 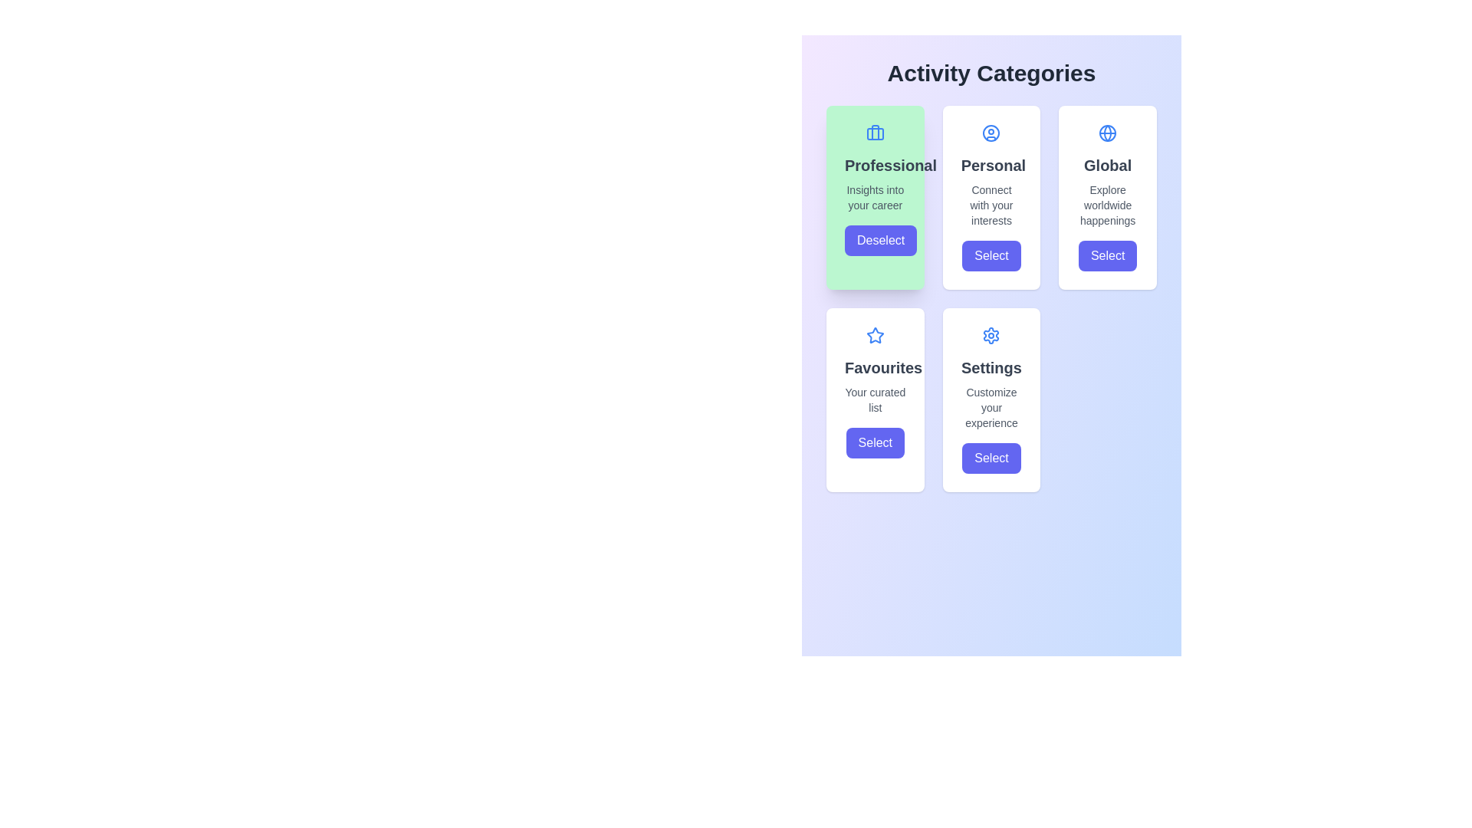 I want to click on the 'Select' button located at the bottom of the card with a white background and rounded edges, which contains the text 'Favourites' and a blue outlined star icon, so click(x=875, y=399).